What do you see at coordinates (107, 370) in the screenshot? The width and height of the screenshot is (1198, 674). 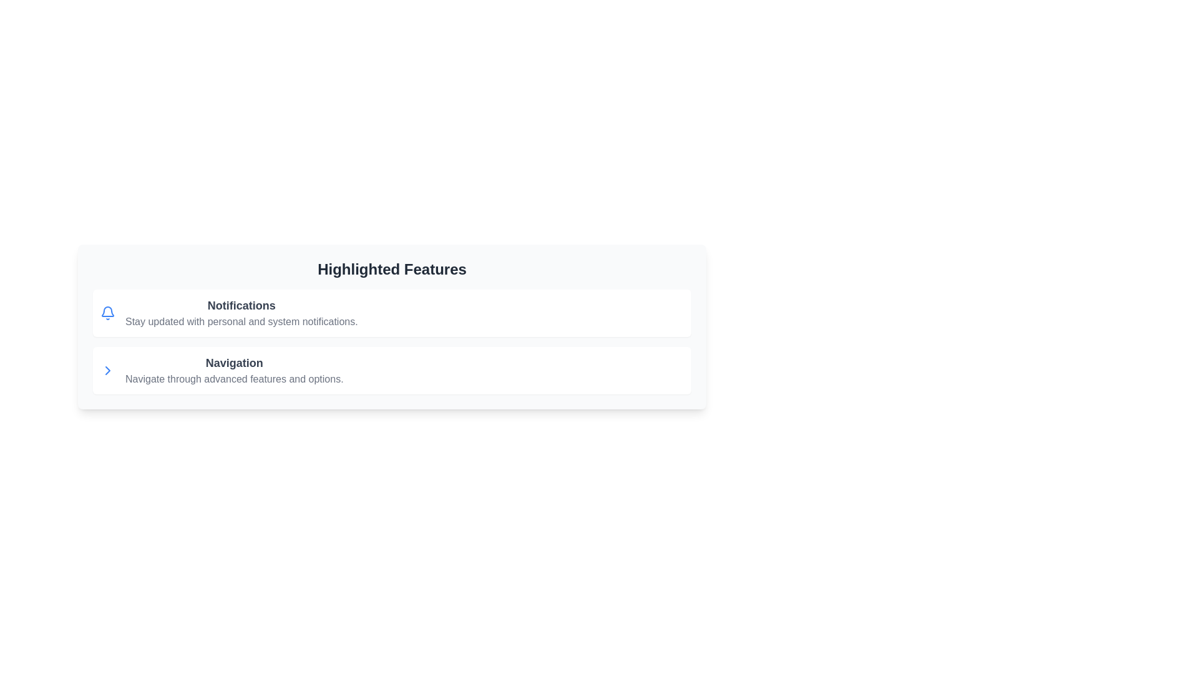 I see `the blue right-facing chevron icon located under the 'Highlighted Features' section in the 'Navigation' category` at bounding box center [107, 370].